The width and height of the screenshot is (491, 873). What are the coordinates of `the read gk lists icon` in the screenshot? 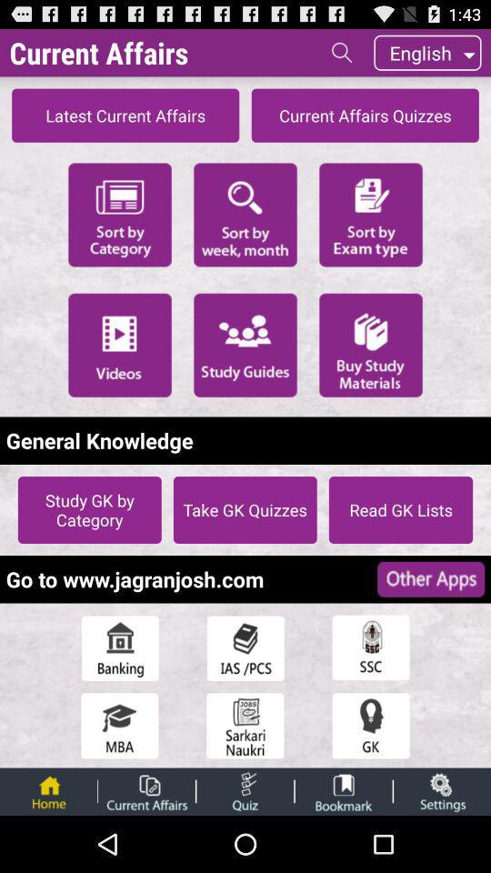 It's located at (401, 509).